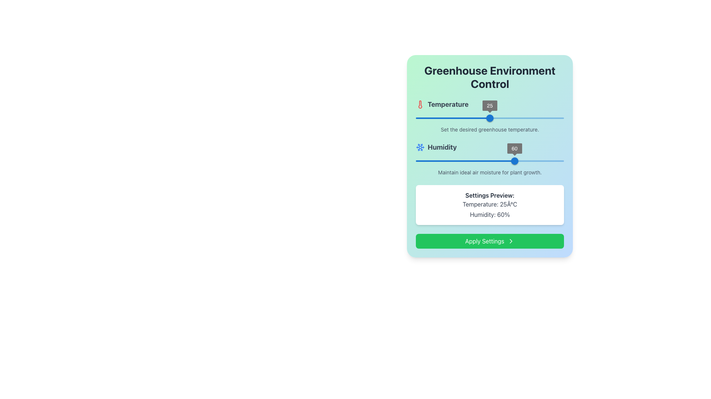 This screenshot has height=399, width=711. What do you see at coordinates (490, 172) in the screenshot?
I see `text label displaying 'Maintain ideal air moisture for plant growth.' located below the '60' slider in the humidity adjustment section` at bounding box center [490, 172].